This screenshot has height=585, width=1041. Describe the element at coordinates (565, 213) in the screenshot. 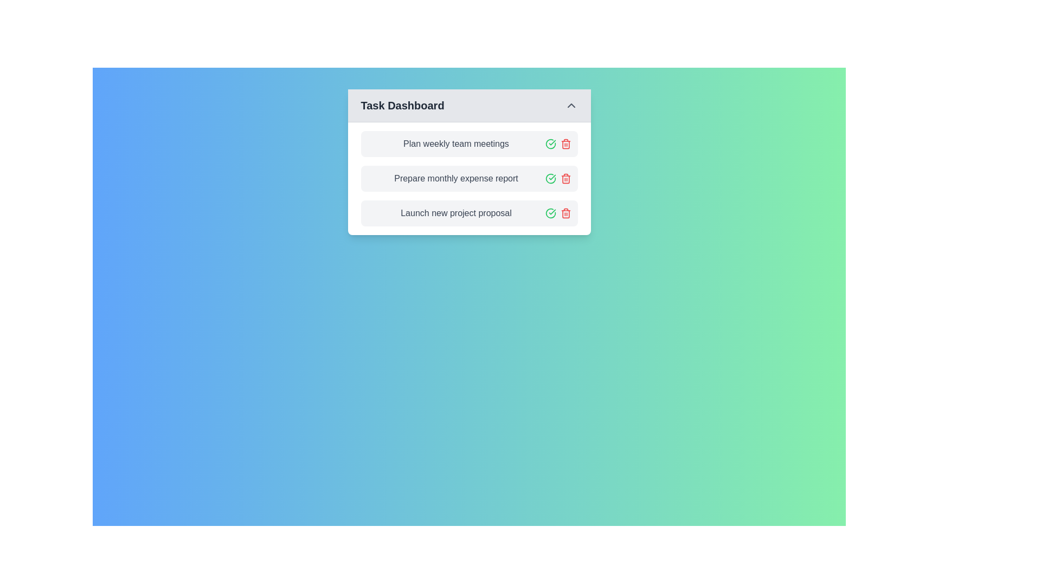

I see `the red trash can icon button, which is the third icon in the column for launching a new project proposal` at that location.